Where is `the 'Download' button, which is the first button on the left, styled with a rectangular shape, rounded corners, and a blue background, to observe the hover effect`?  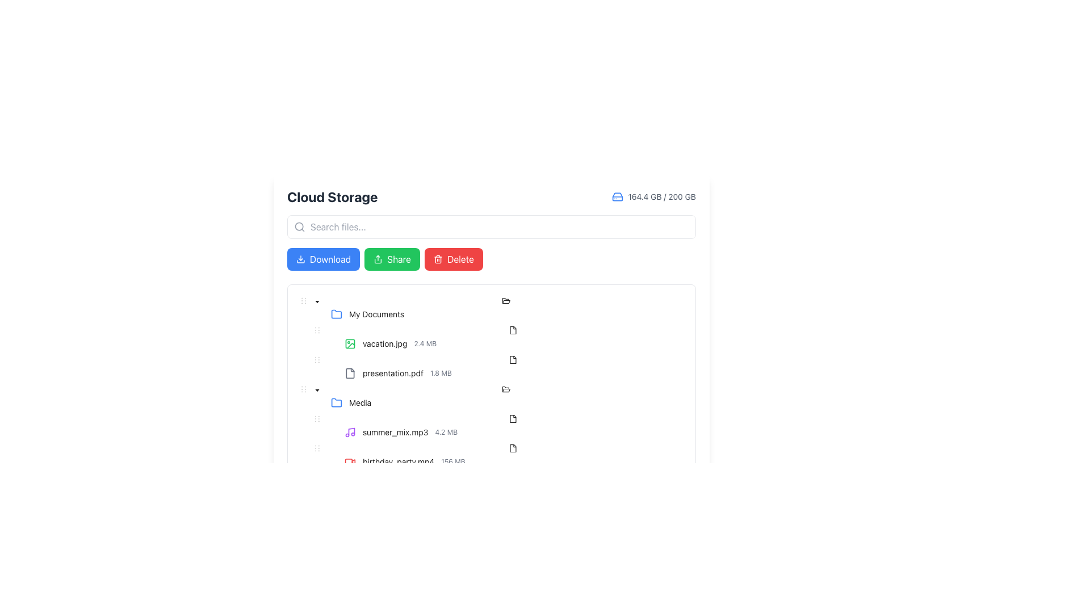
the 'Download' button, which is the first button on the left, styled with a rectangular shape, rounded corners, and a blue background, to observe the hover effect is located at coordinates (323, 259).